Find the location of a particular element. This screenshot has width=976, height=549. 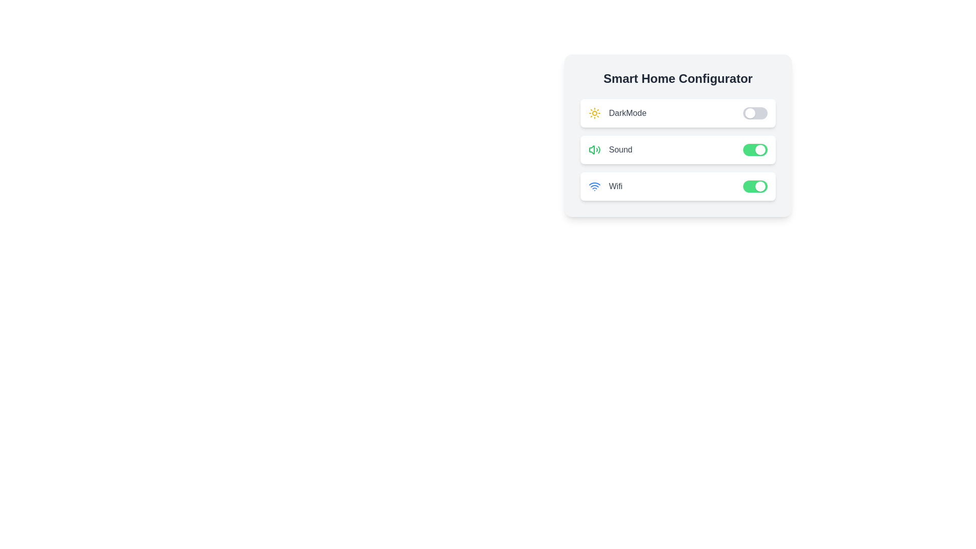

volume icon located in the second row of the vertical options list labeled 'Sound', which is to the left of the text 'Sound' and above the Wi-Fi option is located at coordinates (595, 149).